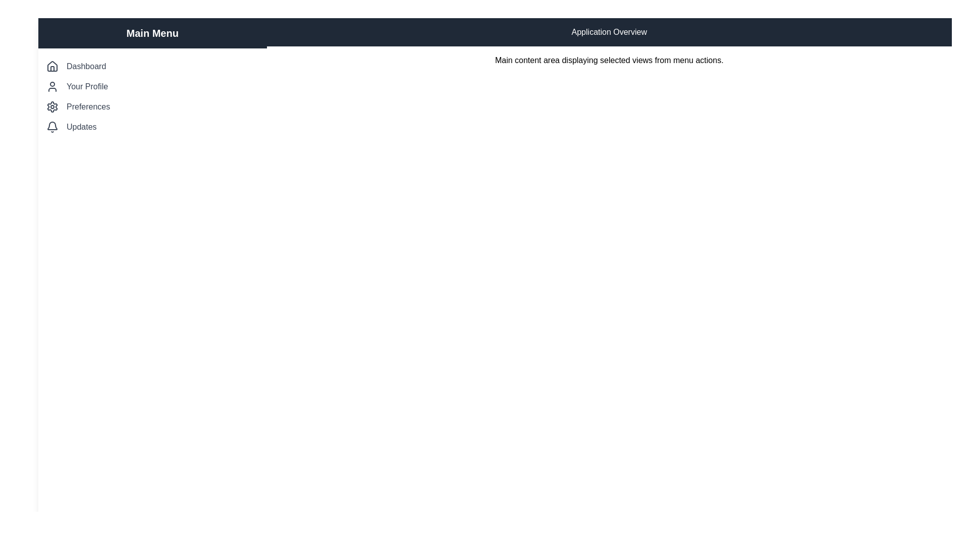 The height and width of the screenshot is (545, 969). Describe the element at coordinates (52, 86) in the screenshot. I see `the user profile icon located next to the 'Your Profile' text in the sidebar menu` at that location.